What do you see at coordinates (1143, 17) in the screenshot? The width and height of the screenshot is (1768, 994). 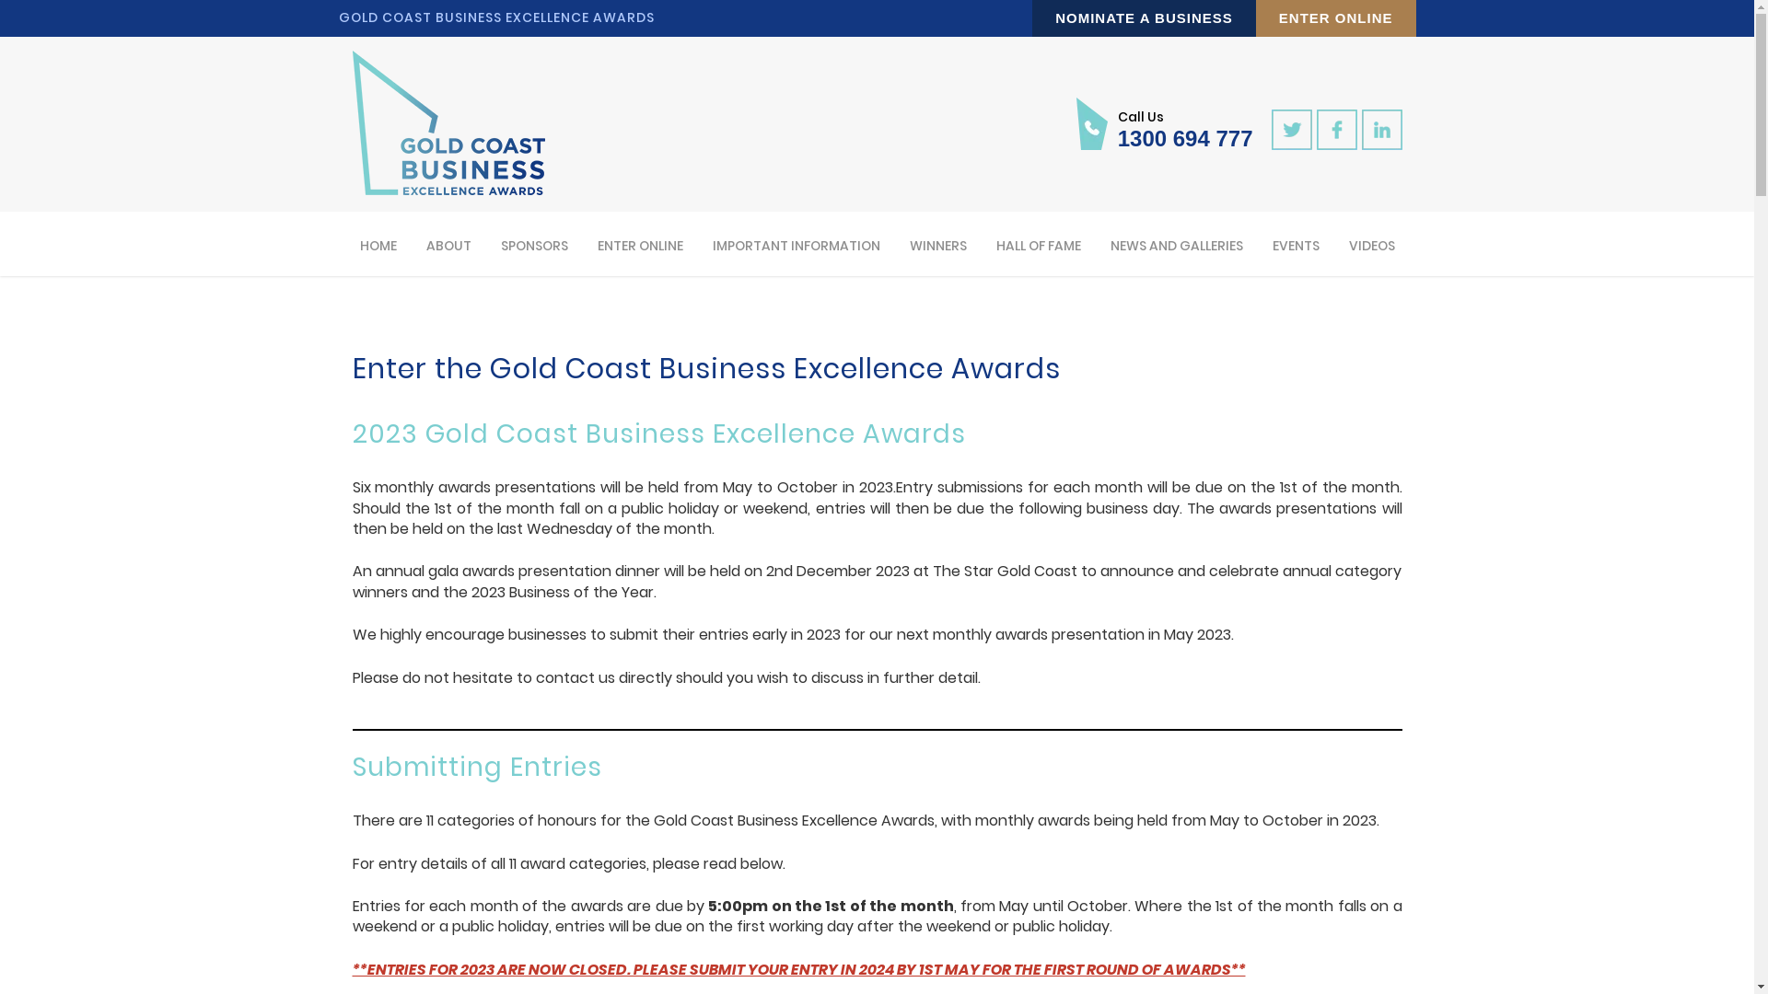 I see `'NOMINATE A BUSINESS'` at bounding box center [1143, 17].